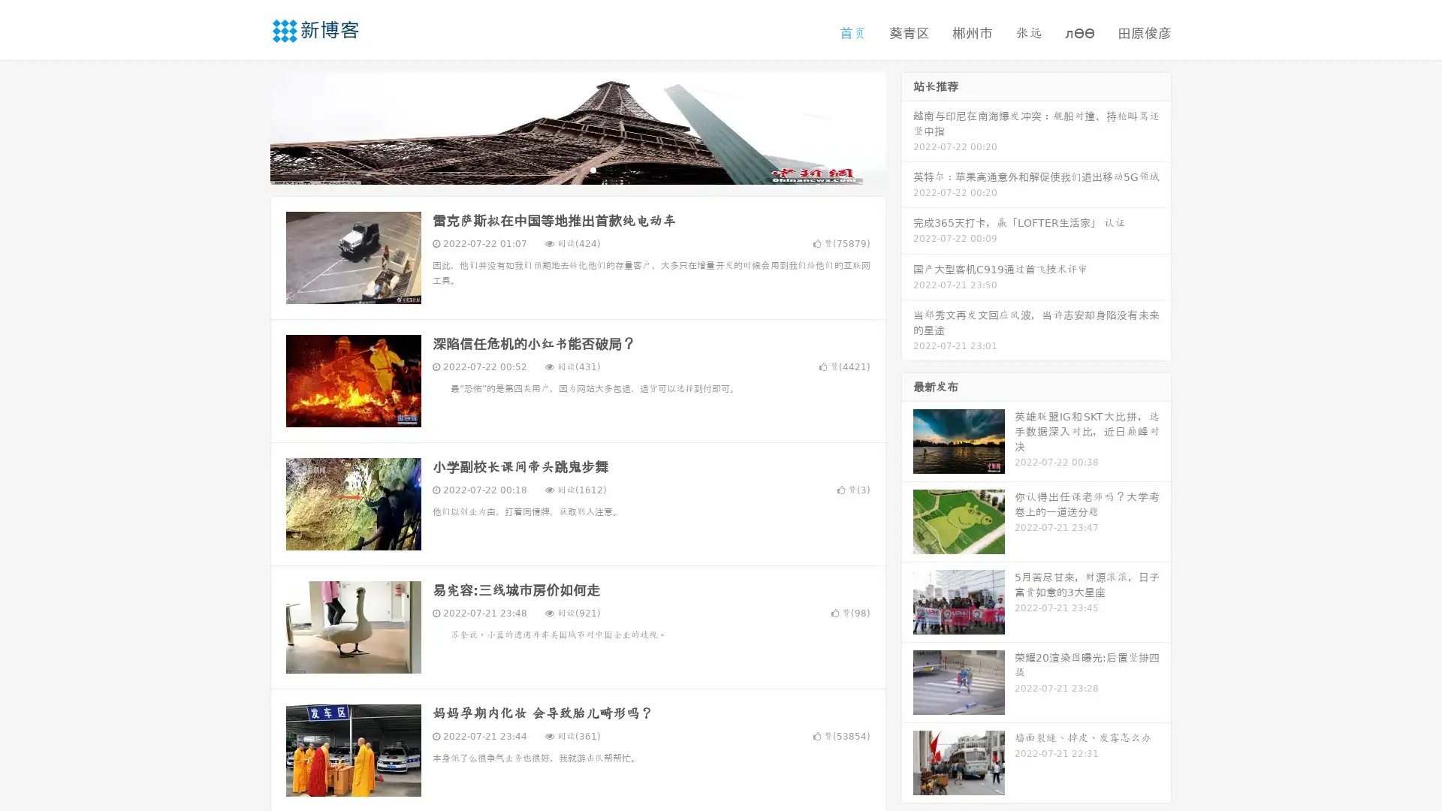 This screenshot has width=1442, height=811. Describe the element at coordinates (907, 126) in the screenshot. I see `Next slide` at that location.